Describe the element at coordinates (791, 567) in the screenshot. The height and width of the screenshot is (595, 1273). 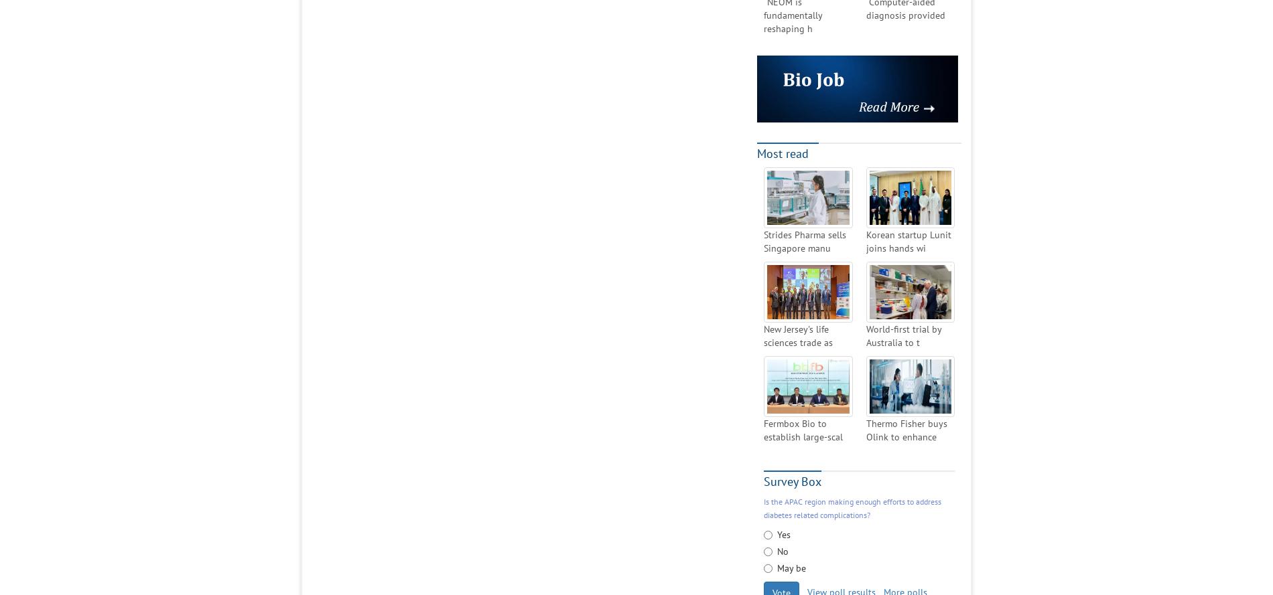
I see `'May be'` at that location.